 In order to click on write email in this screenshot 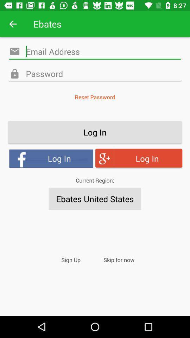, I will do `click(95, 51)`.